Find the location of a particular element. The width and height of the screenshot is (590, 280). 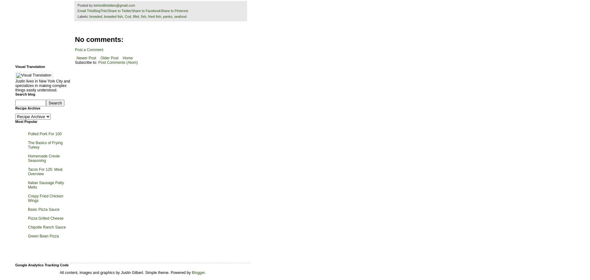

'Newer Post' is located at coordinates (86, 57).